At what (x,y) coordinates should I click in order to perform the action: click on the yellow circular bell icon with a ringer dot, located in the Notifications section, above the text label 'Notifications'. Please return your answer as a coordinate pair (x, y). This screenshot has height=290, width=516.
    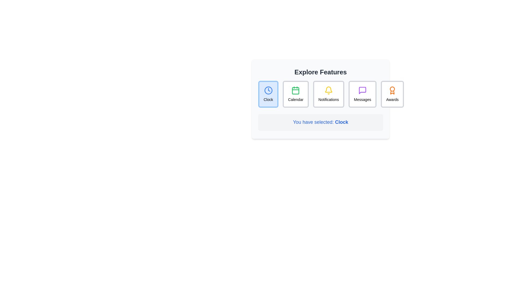
    Looking at the image, I should click on (328, 90).